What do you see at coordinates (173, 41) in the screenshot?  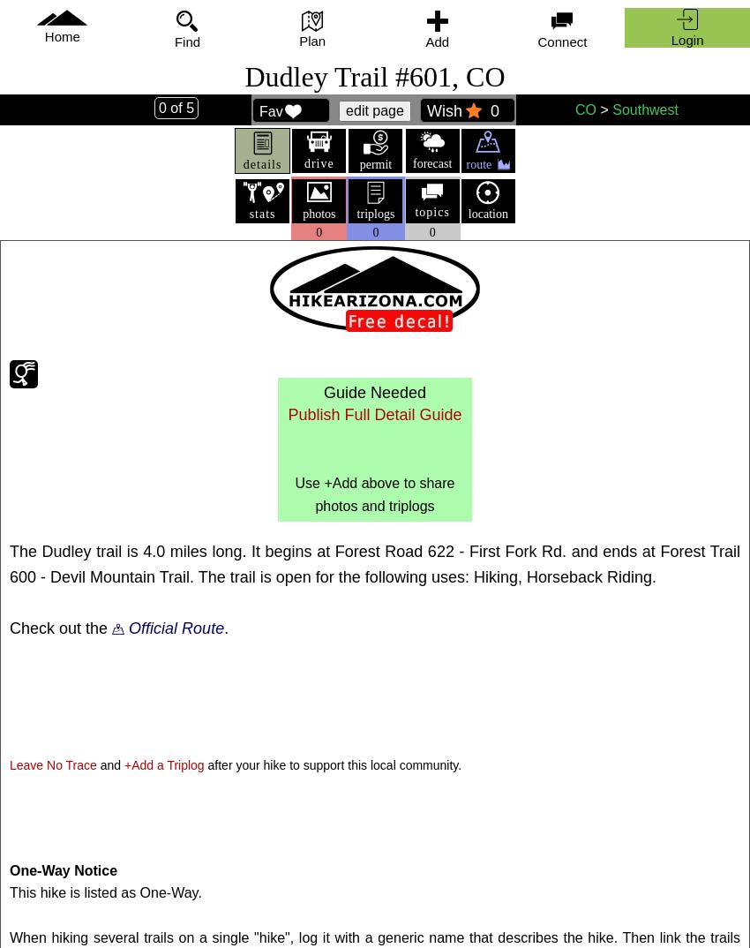 I see `'Find'` at bounding box center [173, 41].